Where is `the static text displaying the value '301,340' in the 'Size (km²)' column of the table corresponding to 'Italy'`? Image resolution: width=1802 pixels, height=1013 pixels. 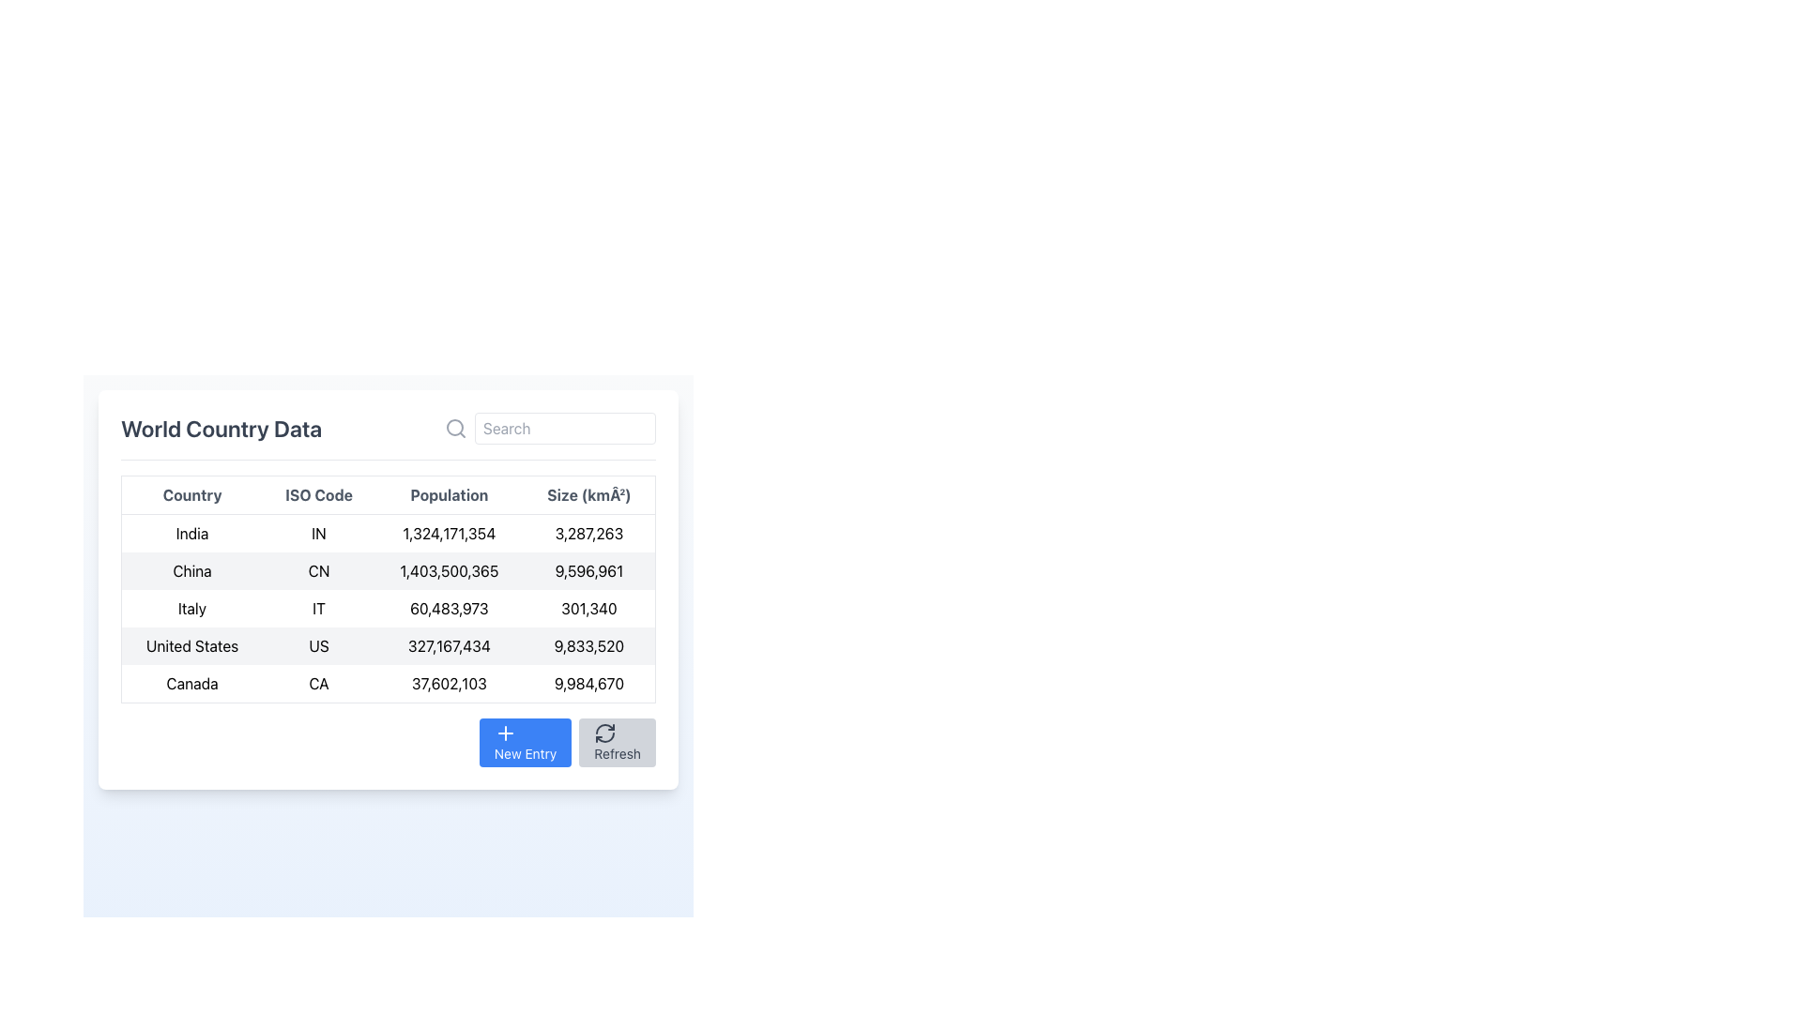 the static text displaying the value '301,340' in the 'Size (km²)' column of the table corresponding to 'Italy' is located at coordinates (588, 608).